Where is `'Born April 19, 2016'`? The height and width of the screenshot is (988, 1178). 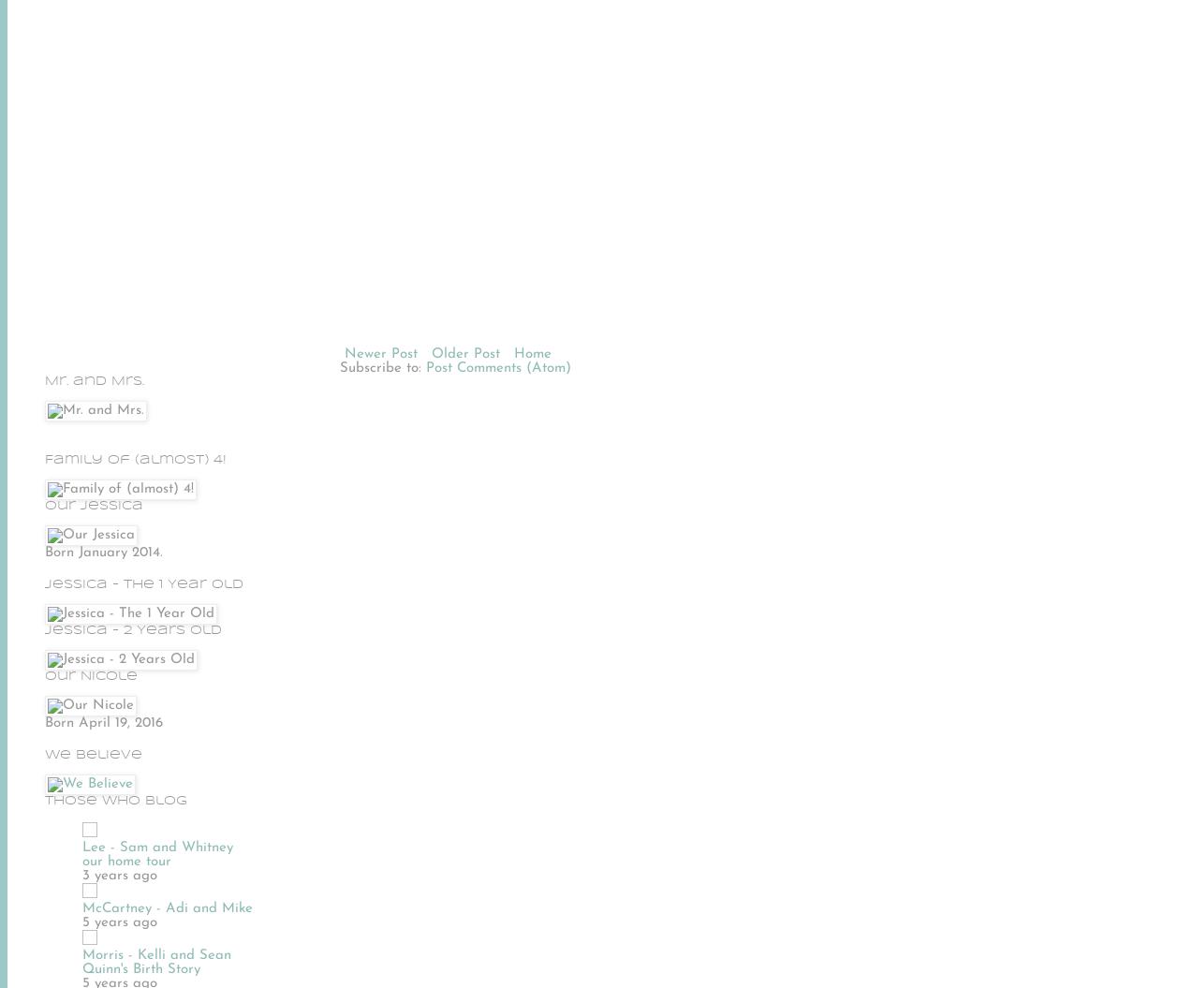
'Born April 19, 2016' is located at coordinates (103, 721).